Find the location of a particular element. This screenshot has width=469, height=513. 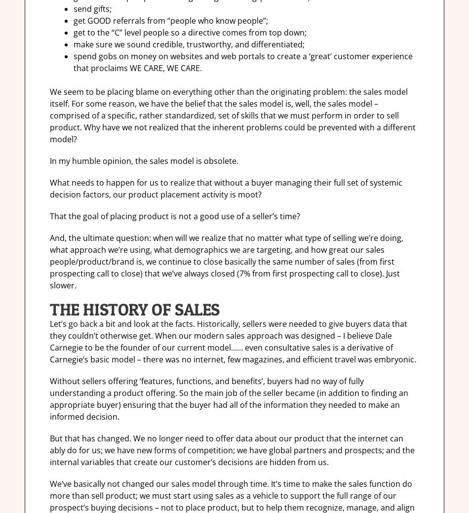

'THE HISTORY OF SALES' is located at coordinates (134, 309).